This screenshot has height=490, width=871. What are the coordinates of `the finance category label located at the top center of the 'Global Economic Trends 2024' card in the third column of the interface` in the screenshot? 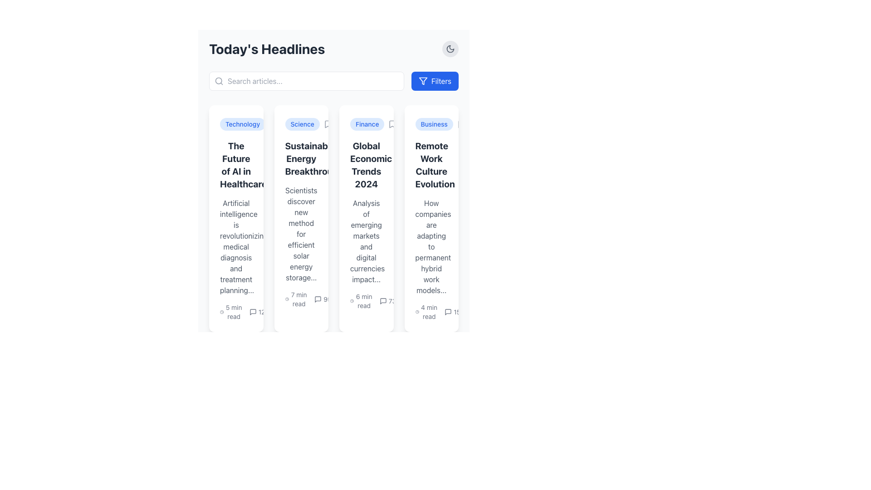 It's located at (366, 124).